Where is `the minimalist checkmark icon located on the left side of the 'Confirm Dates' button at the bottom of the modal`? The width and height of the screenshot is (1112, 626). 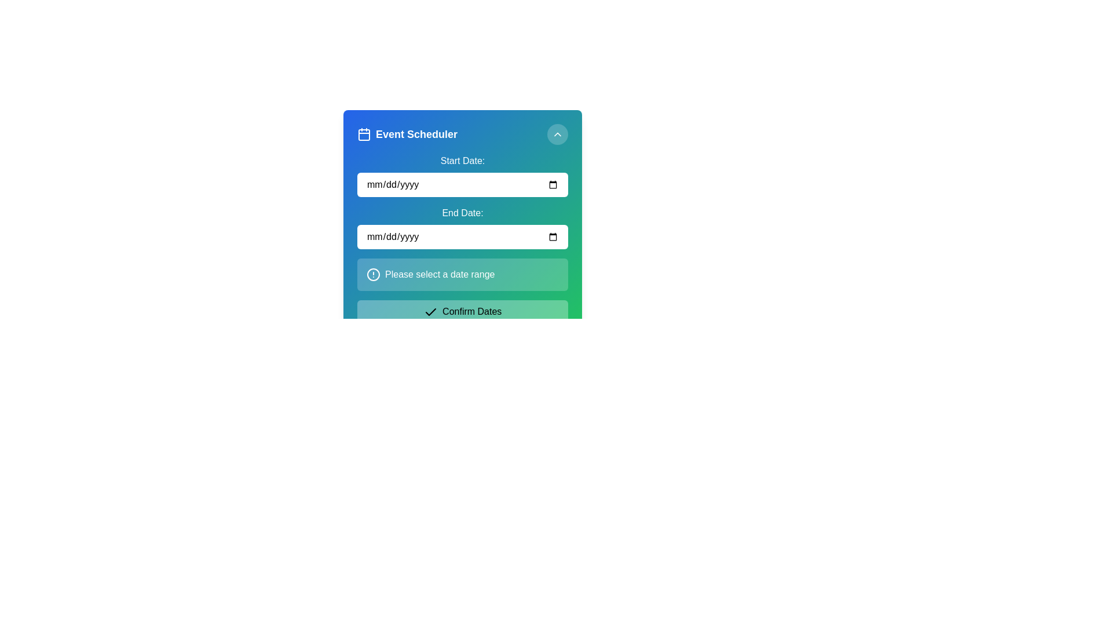 the minimalist checkmark icon located on the left side of the 'Confirm Dates' button at the bottom of the modal is located at coordinates (430, 311).